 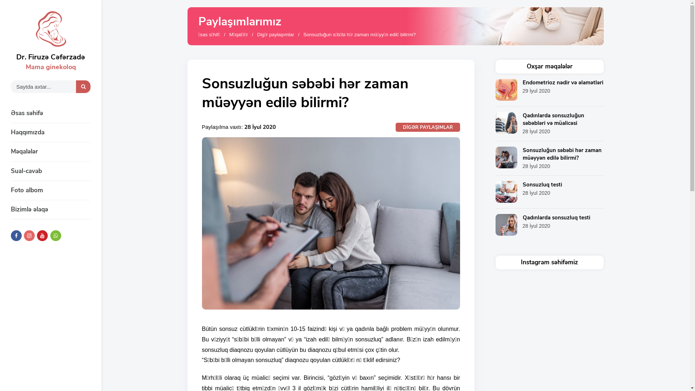 I want to click on 'Foto albom', so click(x=50, y=190).